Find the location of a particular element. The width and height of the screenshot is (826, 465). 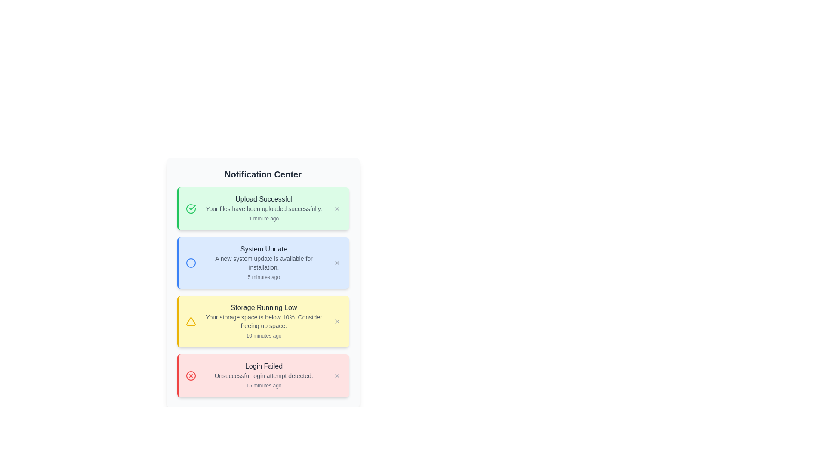

the static text label displaying '5 minutes ago.' located at the bottom right of the 'System Update' notification card in the notifications list is located at coordinates (263, 277).